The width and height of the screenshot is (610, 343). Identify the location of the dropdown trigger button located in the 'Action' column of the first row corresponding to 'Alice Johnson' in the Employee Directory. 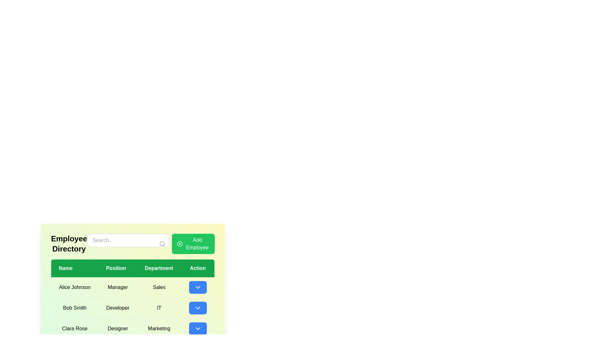
(197, 287).